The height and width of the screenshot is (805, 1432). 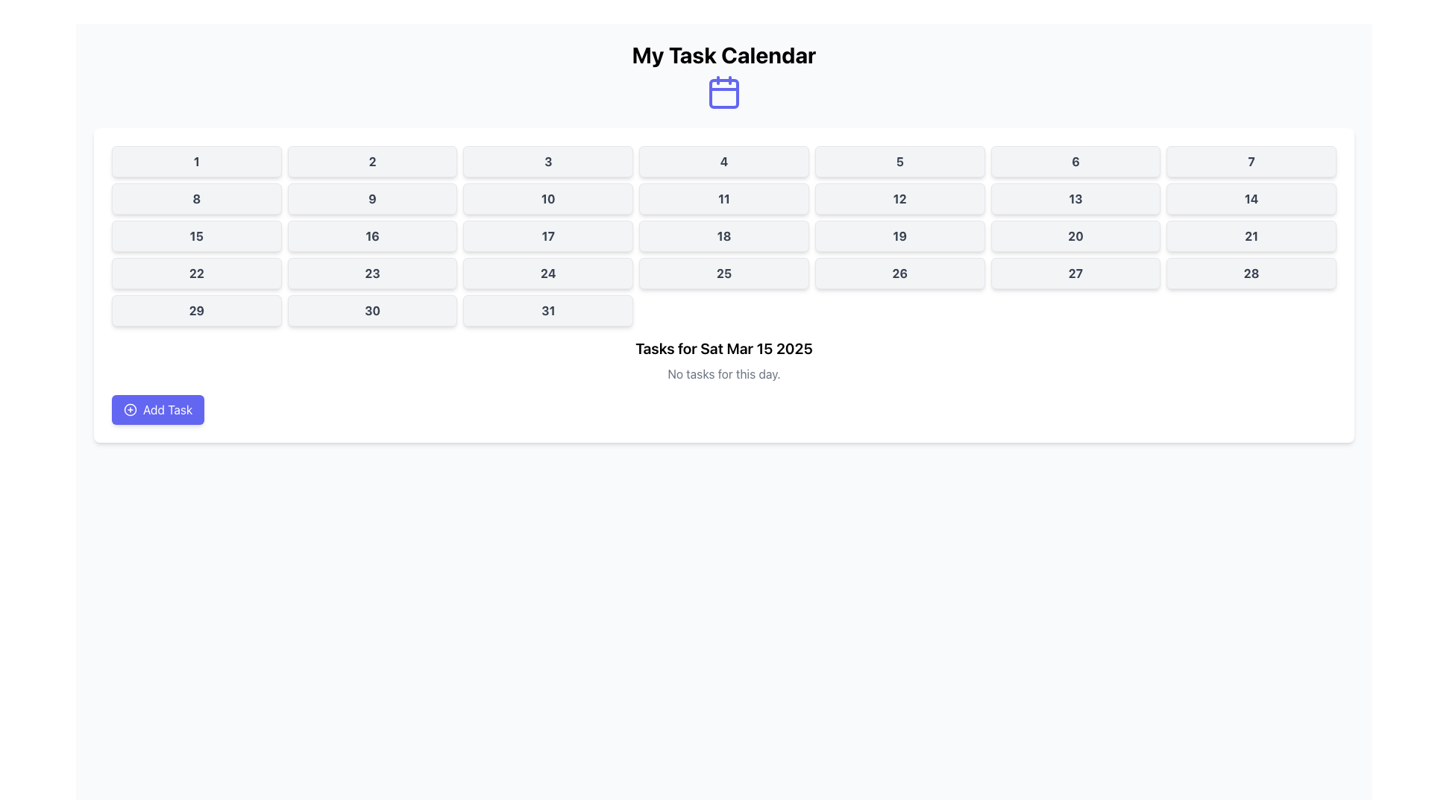 What do you see at coordinates (1252, 235) in the screenshot?
I see `the selectable day button representing the 21st day in the calendar grid for visual feedback` at bounding box center [1252, 235].